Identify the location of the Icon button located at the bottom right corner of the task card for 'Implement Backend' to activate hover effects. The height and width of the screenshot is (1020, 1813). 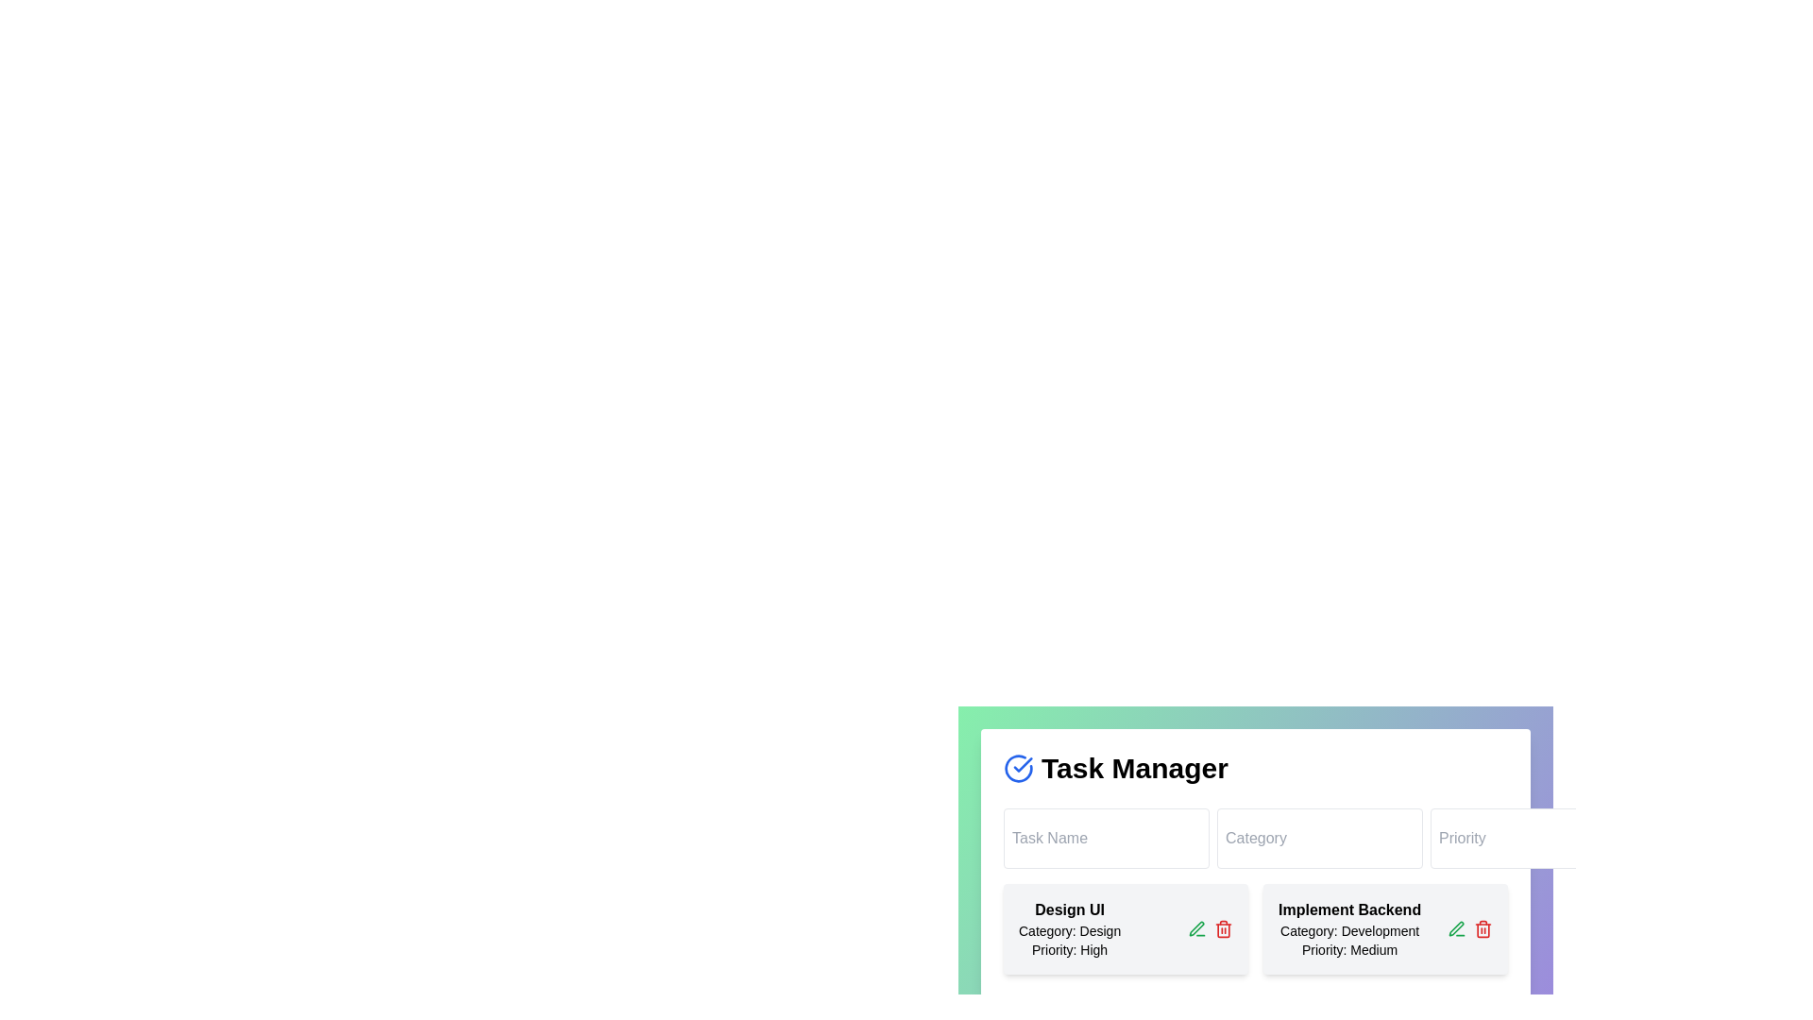
(1455, 927).